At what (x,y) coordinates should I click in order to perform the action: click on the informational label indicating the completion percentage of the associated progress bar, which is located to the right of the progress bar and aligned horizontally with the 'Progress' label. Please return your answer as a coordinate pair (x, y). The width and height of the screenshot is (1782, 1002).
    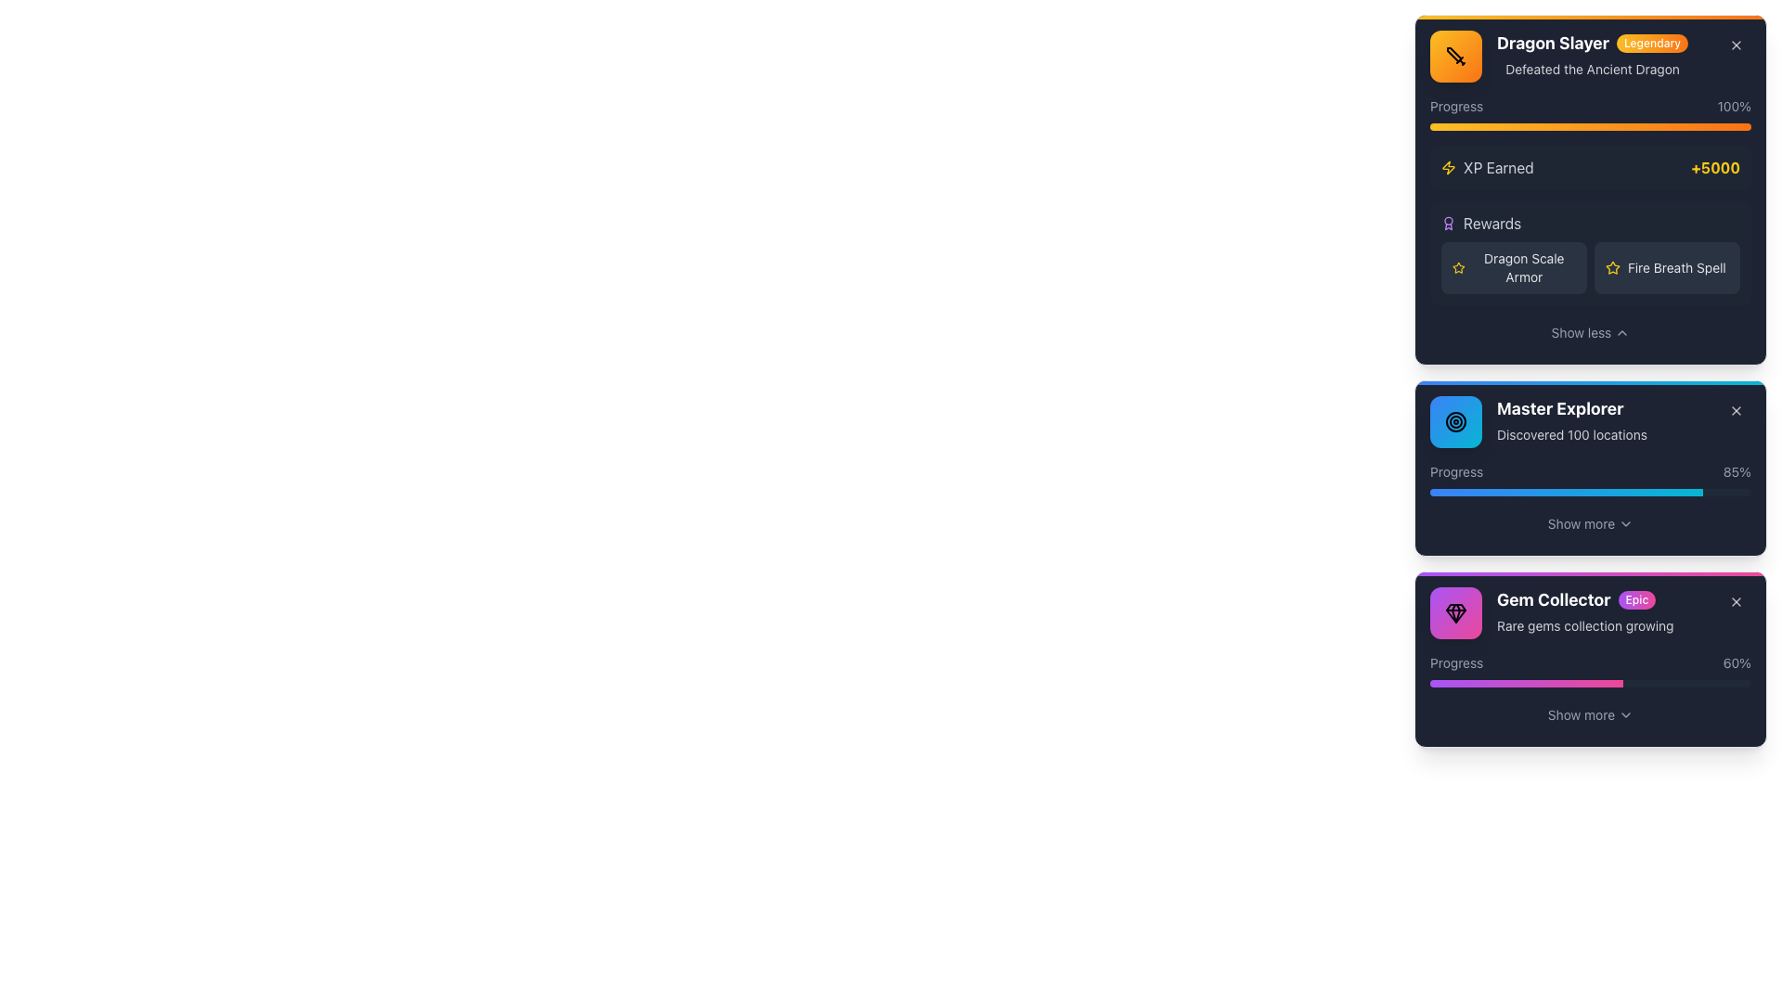
    Looking at the image, I should click on (1737, 471).